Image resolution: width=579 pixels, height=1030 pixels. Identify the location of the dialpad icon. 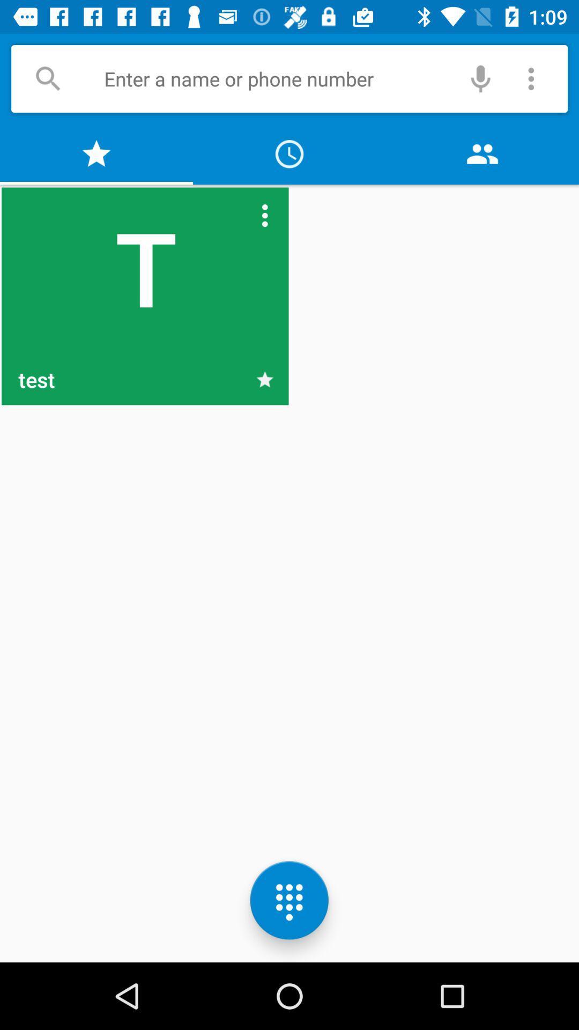
(289, 900).